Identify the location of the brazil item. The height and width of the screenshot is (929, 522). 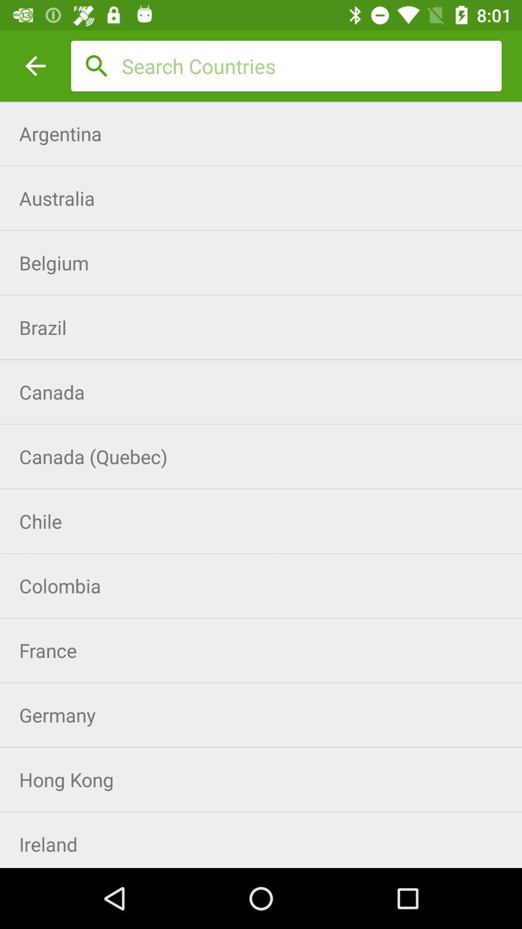
(261, 327).